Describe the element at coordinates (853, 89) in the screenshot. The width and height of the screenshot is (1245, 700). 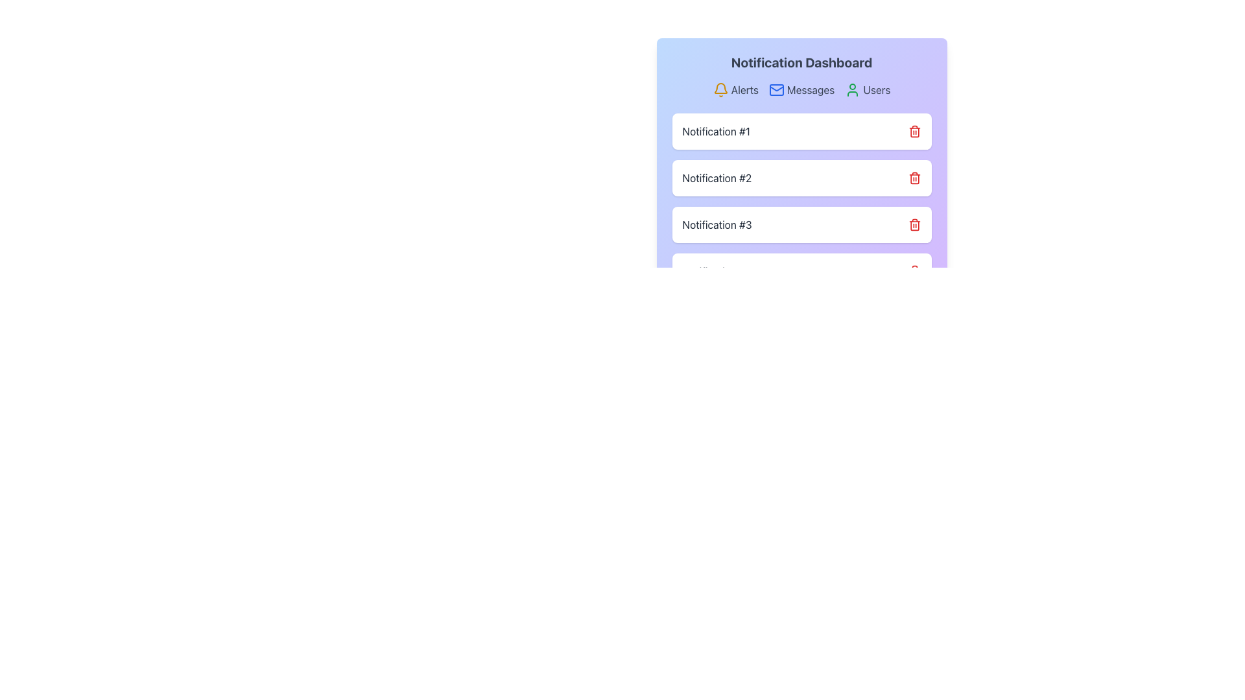
I see `the green user pictogram icon located in the navigation bar next to the text 'Users'` at that location.